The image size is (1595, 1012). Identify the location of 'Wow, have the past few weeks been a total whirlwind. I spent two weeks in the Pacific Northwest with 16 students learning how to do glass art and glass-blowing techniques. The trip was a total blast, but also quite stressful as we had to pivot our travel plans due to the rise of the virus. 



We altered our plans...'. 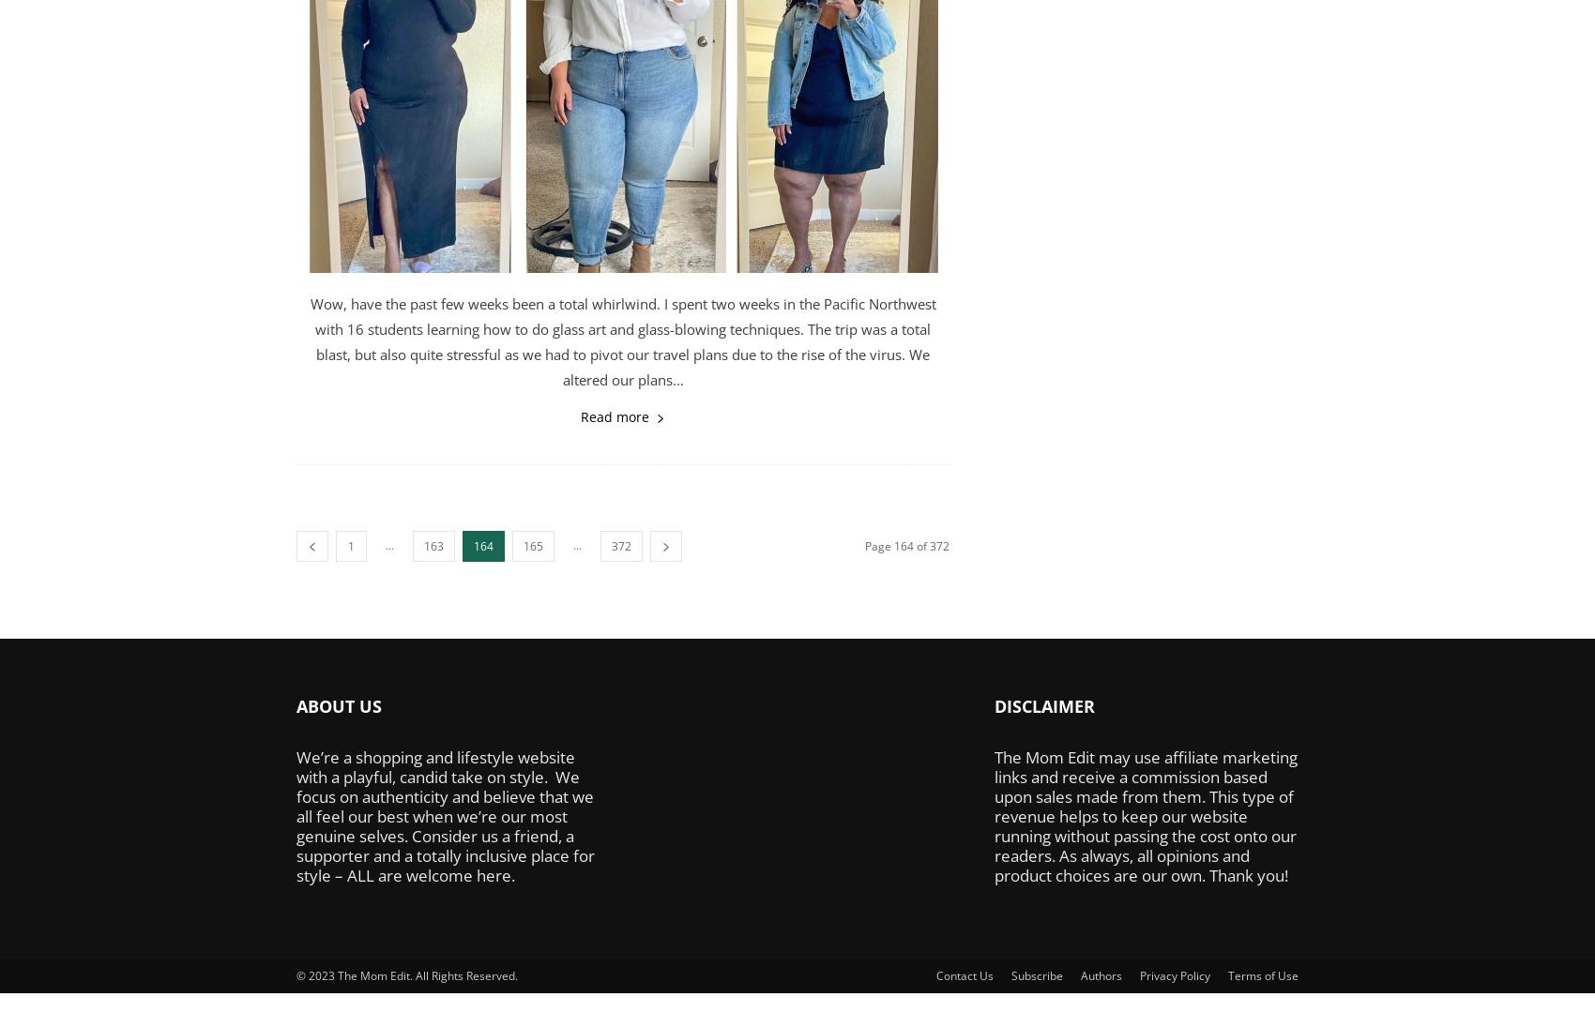
(622, 341).